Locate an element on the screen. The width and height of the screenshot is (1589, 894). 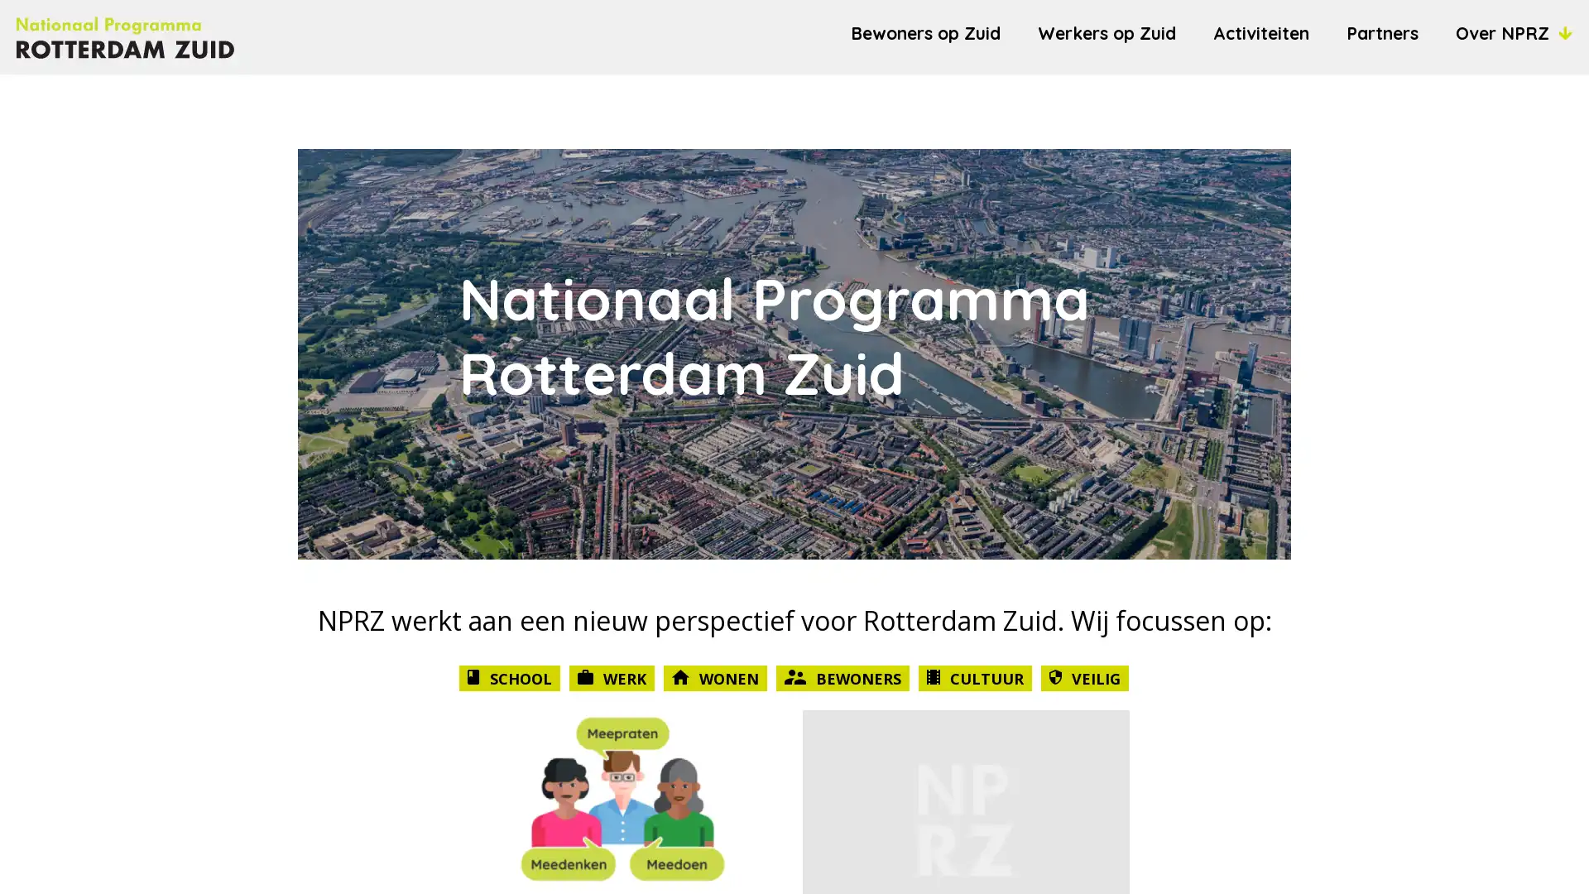
Over NPRZ is located at coordinates (1514, 32).